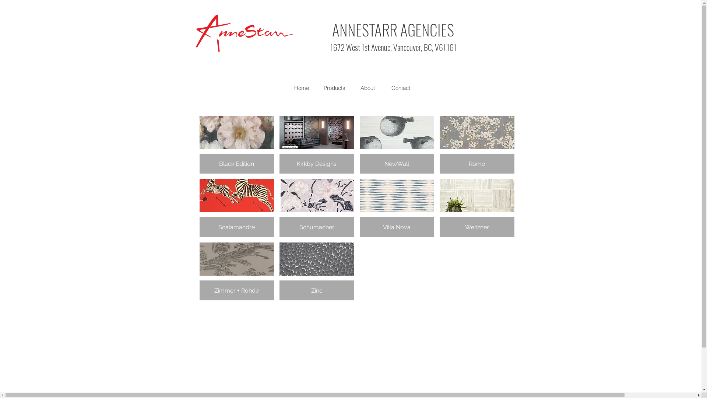  What do you see at coordinates (367, 88) in the screenshot?
I see `'About'` at bounding box center [367, 88].